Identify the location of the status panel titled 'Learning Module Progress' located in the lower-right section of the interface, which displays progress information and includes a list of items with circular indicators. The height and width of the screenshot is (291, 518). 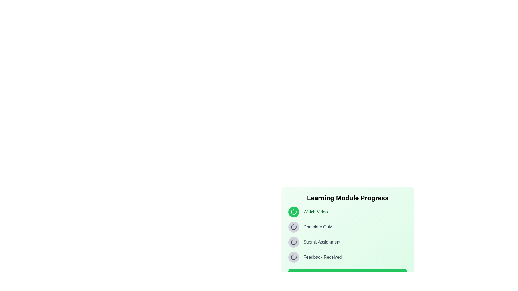
(348, 226).